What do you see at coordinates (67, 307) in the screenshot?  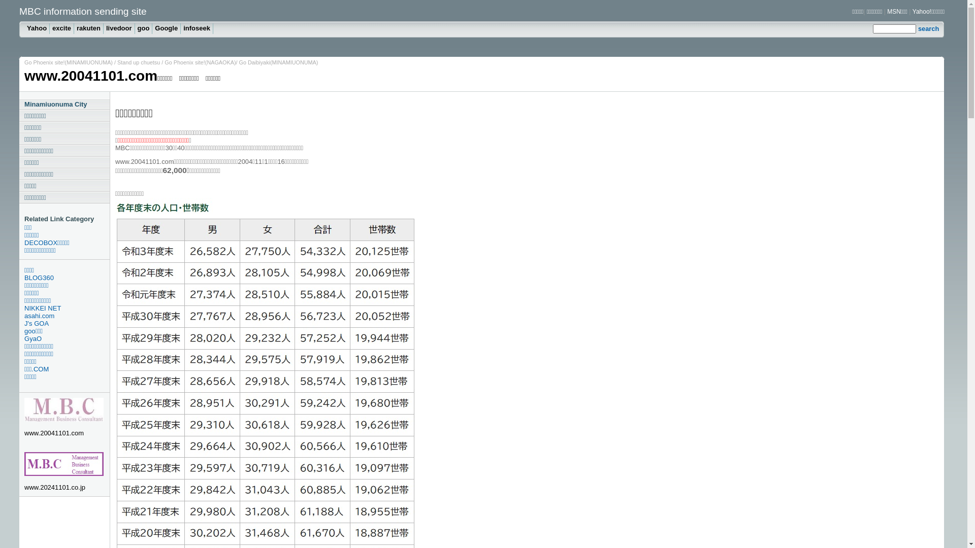 I see `'NIKKEI NET'` at bounding box center [67, 307].